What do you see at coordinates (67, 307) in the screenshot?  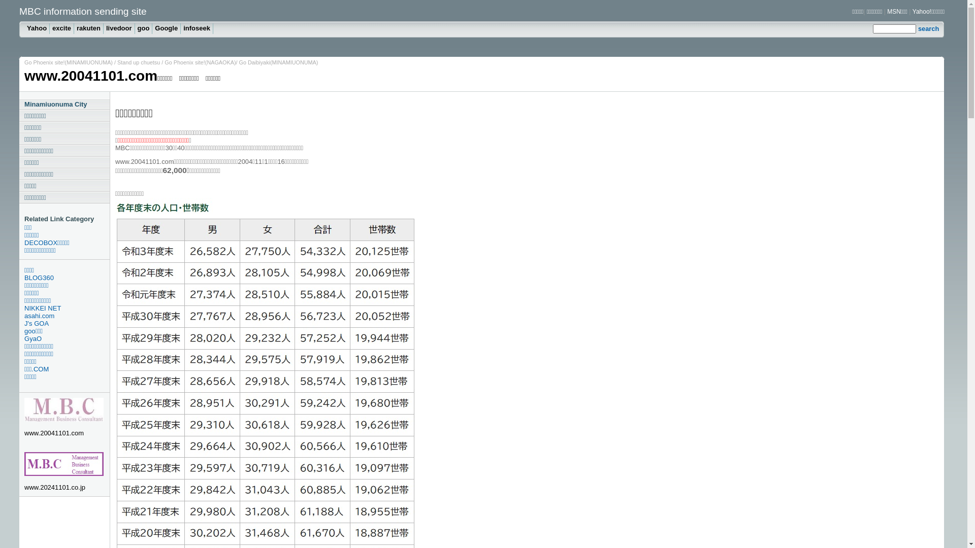 I see `'NIKKEI NET'` at bounding box center [67, 307].